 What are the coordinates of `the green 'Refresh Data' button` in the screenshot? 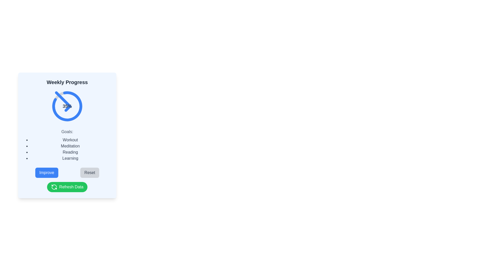 It's located at (67, 187).